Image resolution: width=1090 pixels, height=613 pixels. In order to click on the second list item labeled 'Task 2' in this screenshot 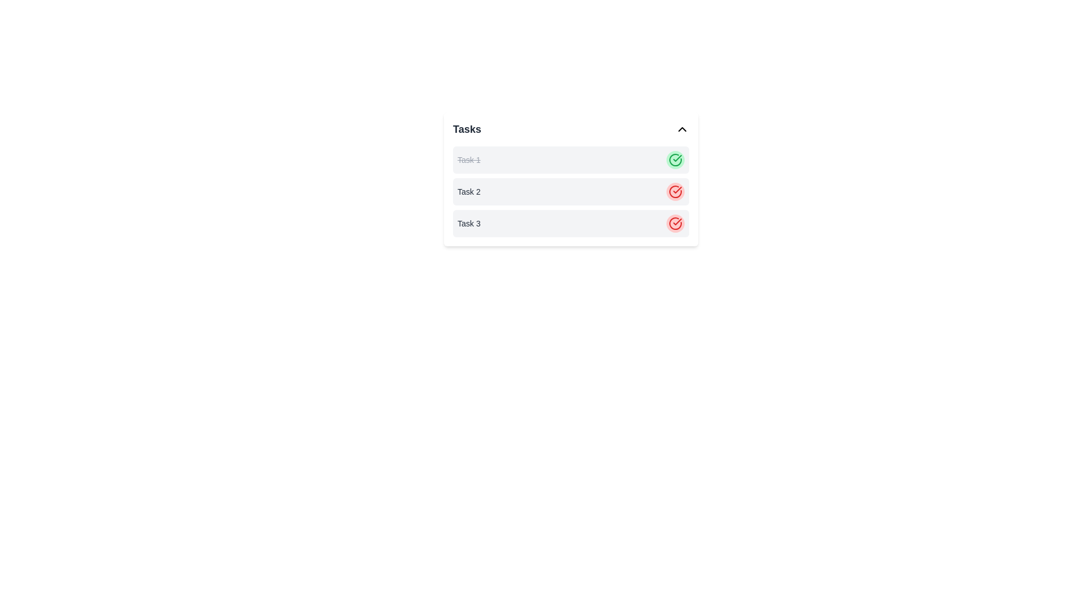, I will do `click(571, 191)`.